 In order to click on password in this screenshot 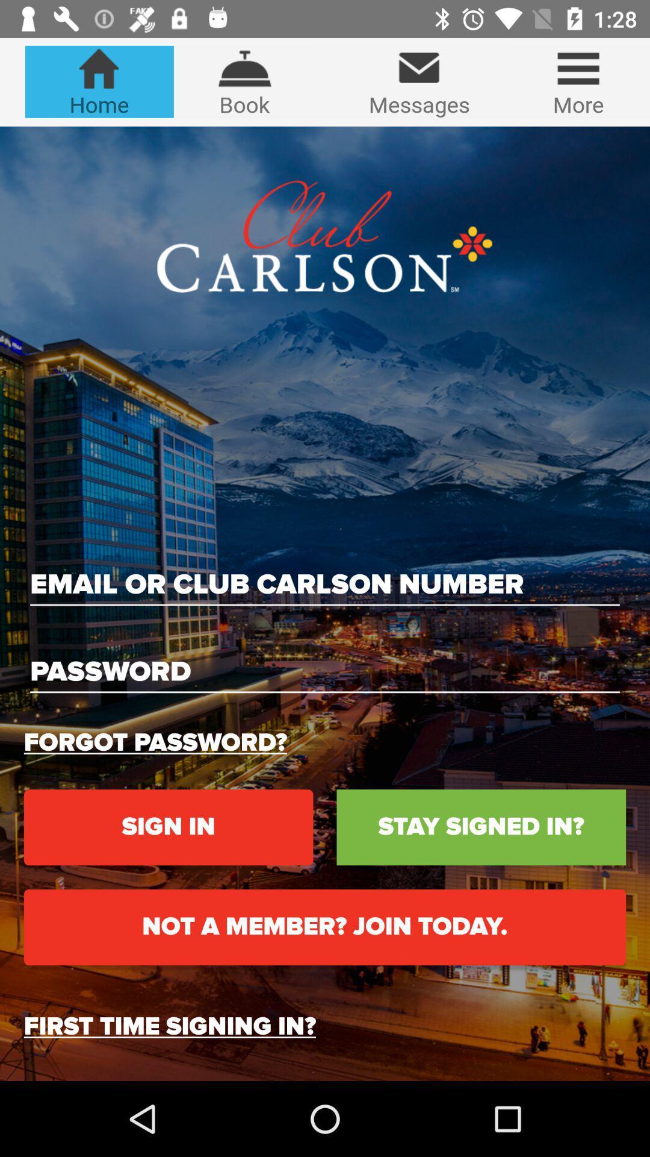, I will do `click(325, 671)`.